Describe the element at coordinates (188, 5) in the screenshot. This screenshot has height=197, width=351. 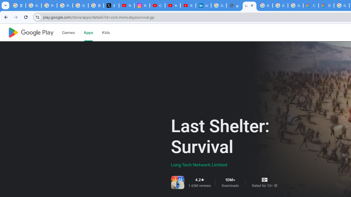
I see `'YouTube Culture & Trends - YouTube Top 10, 2021'` at that location.